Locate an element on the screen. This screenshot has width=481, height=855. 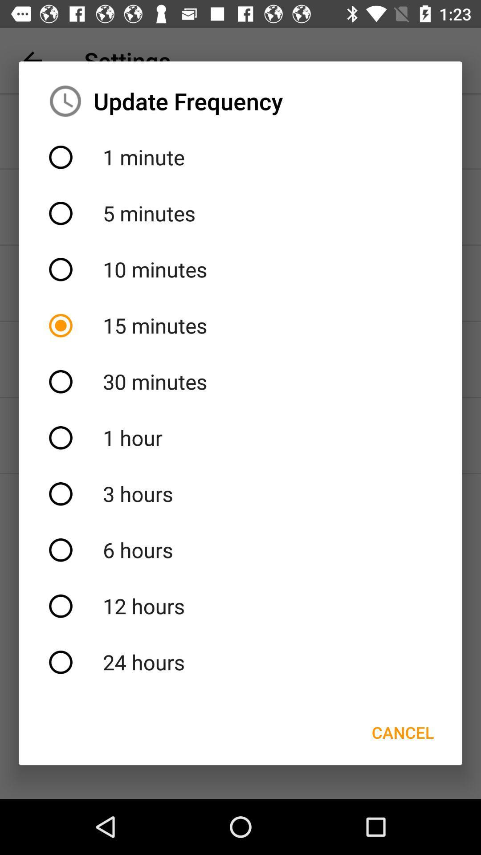
3 hours icon is located at coordinates (240, 493).